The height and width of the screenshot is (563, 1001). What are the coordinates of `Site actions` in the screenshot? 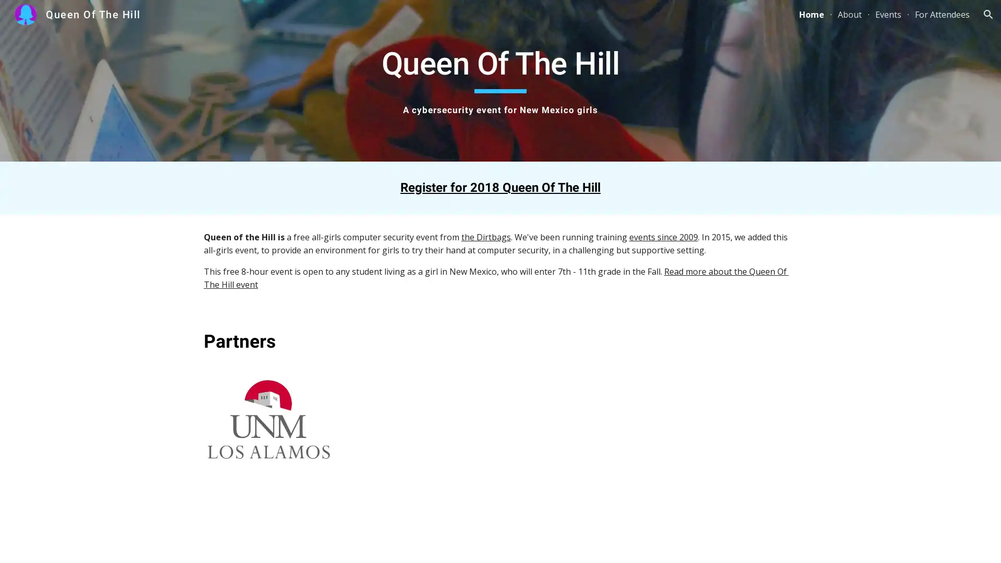 It's located at (18, 544).